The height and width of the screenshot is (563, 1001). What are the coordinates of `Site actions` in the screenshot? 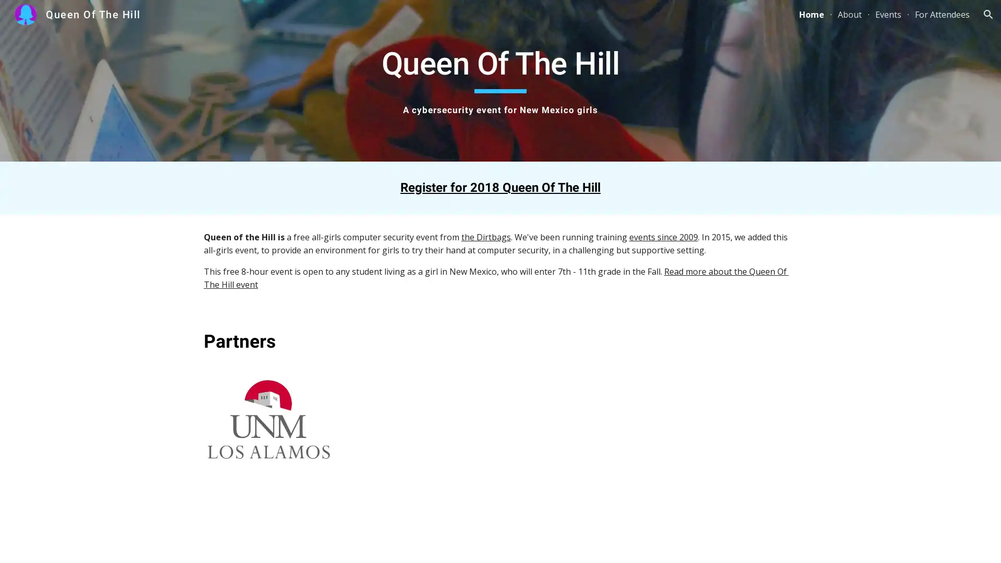 It's located at (18, 544).